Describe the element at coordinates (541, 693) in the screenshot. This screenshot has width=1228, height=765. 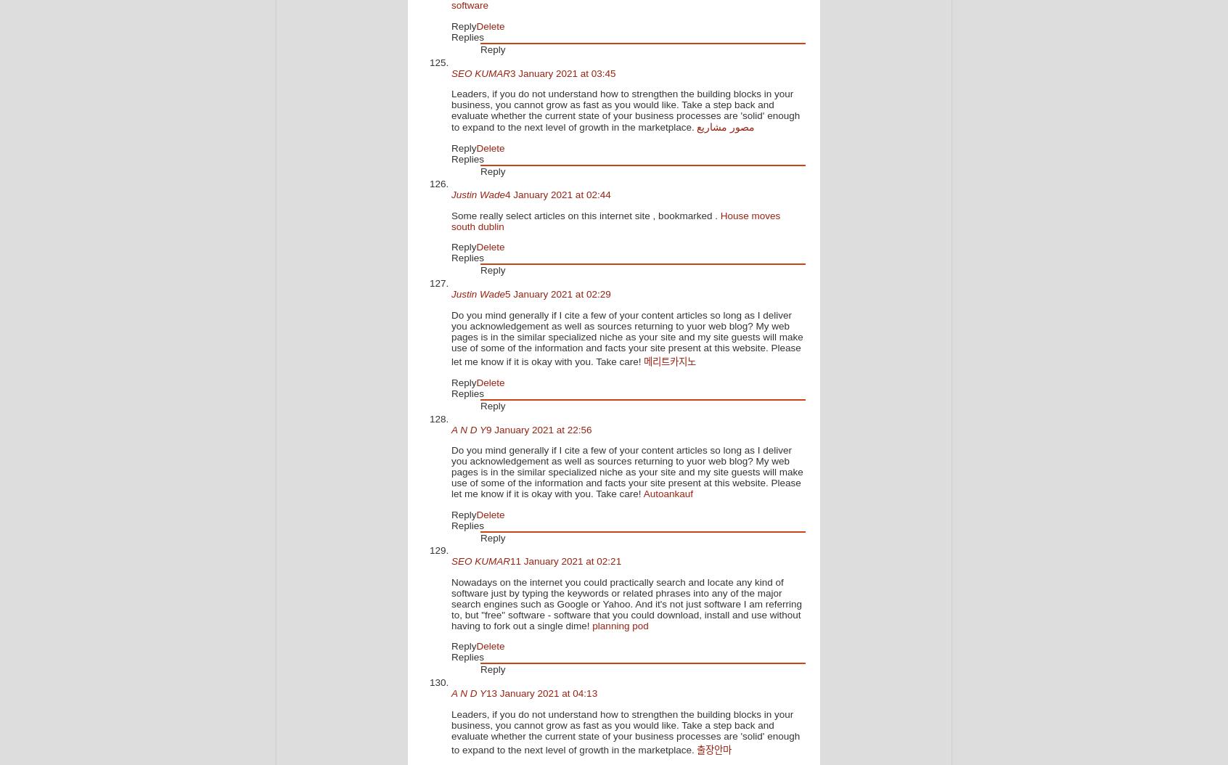
I see `'13 January 2021 at 04:13'` at that location.